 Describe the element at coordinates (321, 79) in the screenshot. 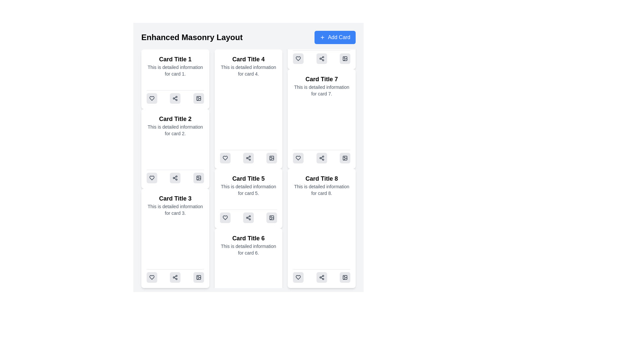

I see `the title text element of the card component, which is positioned at the top-center of the card and serves as a brief identifier for the card's content` at that location.